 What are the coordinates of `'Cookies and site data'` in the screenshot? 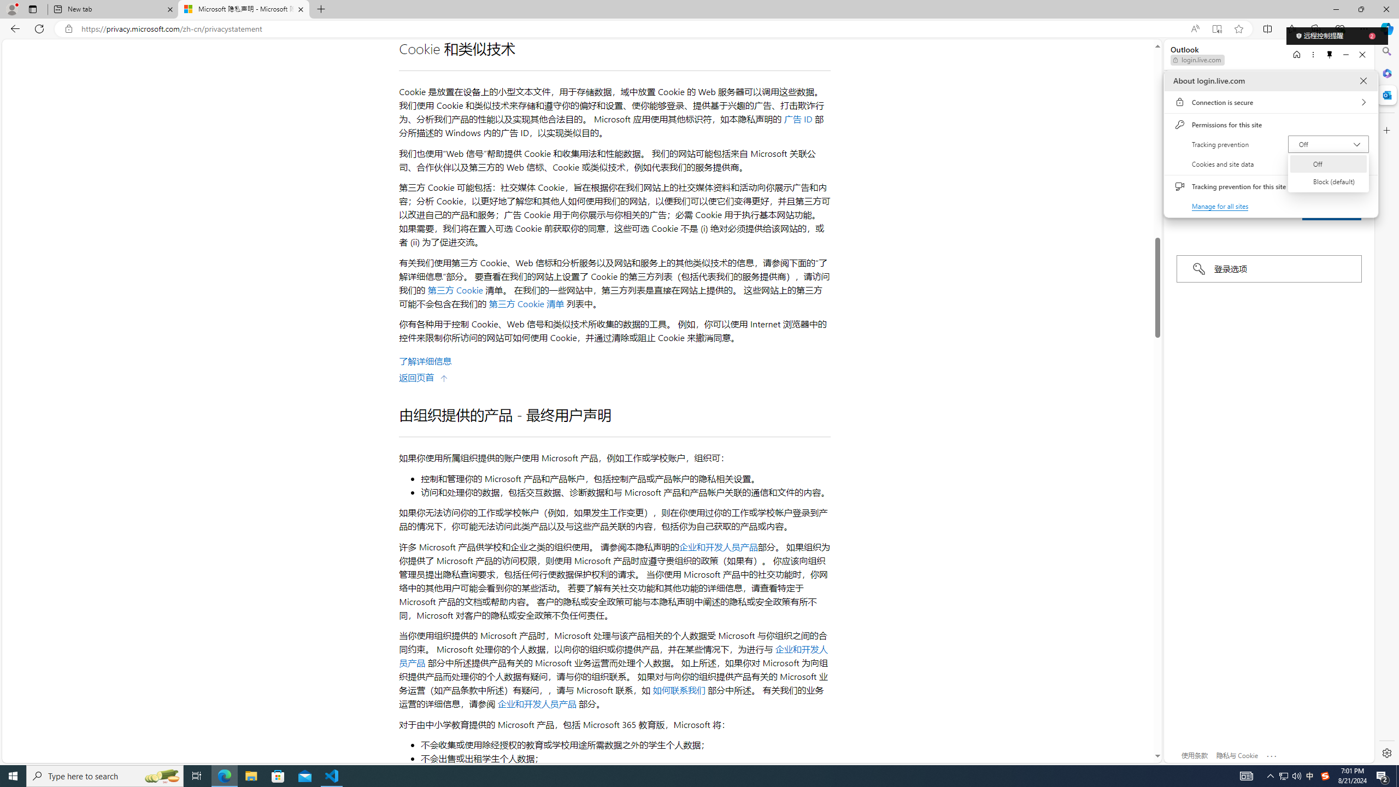 It's located at (1270, 163).